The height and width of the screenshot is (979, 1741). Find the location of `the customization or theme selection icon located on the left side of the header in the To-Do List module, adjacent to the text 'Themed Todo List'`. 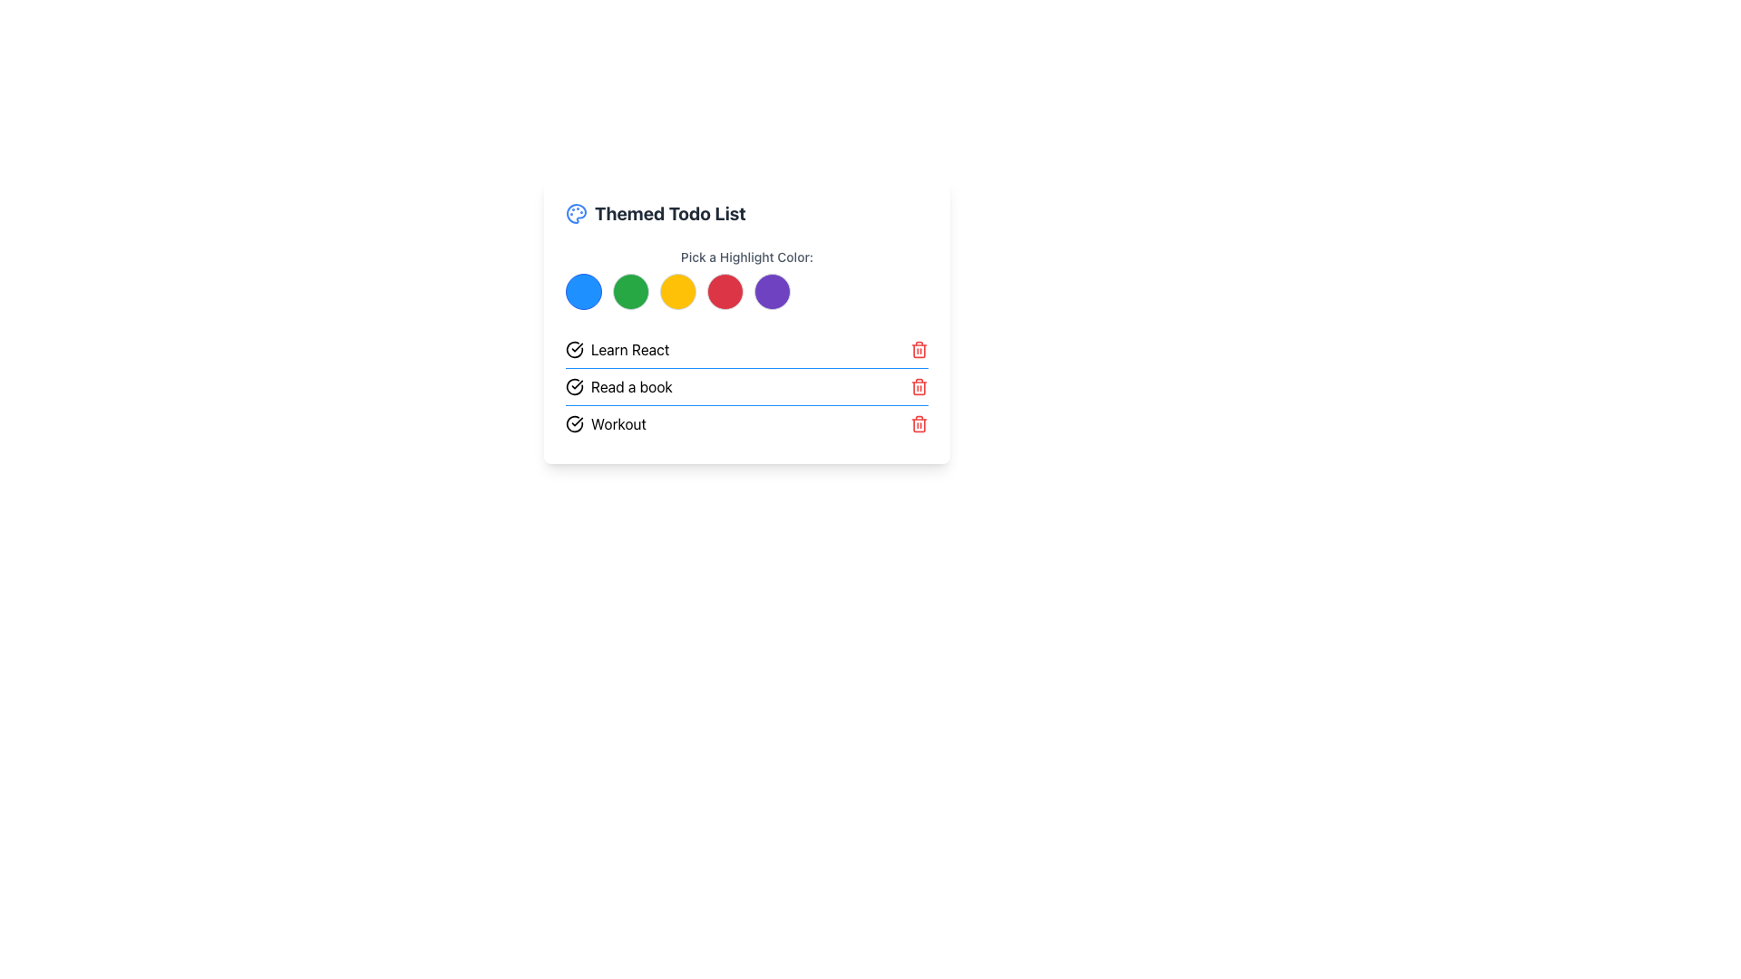

the customization or theme selection icon located on the left side of the header in the To-Do List module, adjacent to the text 'Themed Todo List' is located at coordinates (575, 212).